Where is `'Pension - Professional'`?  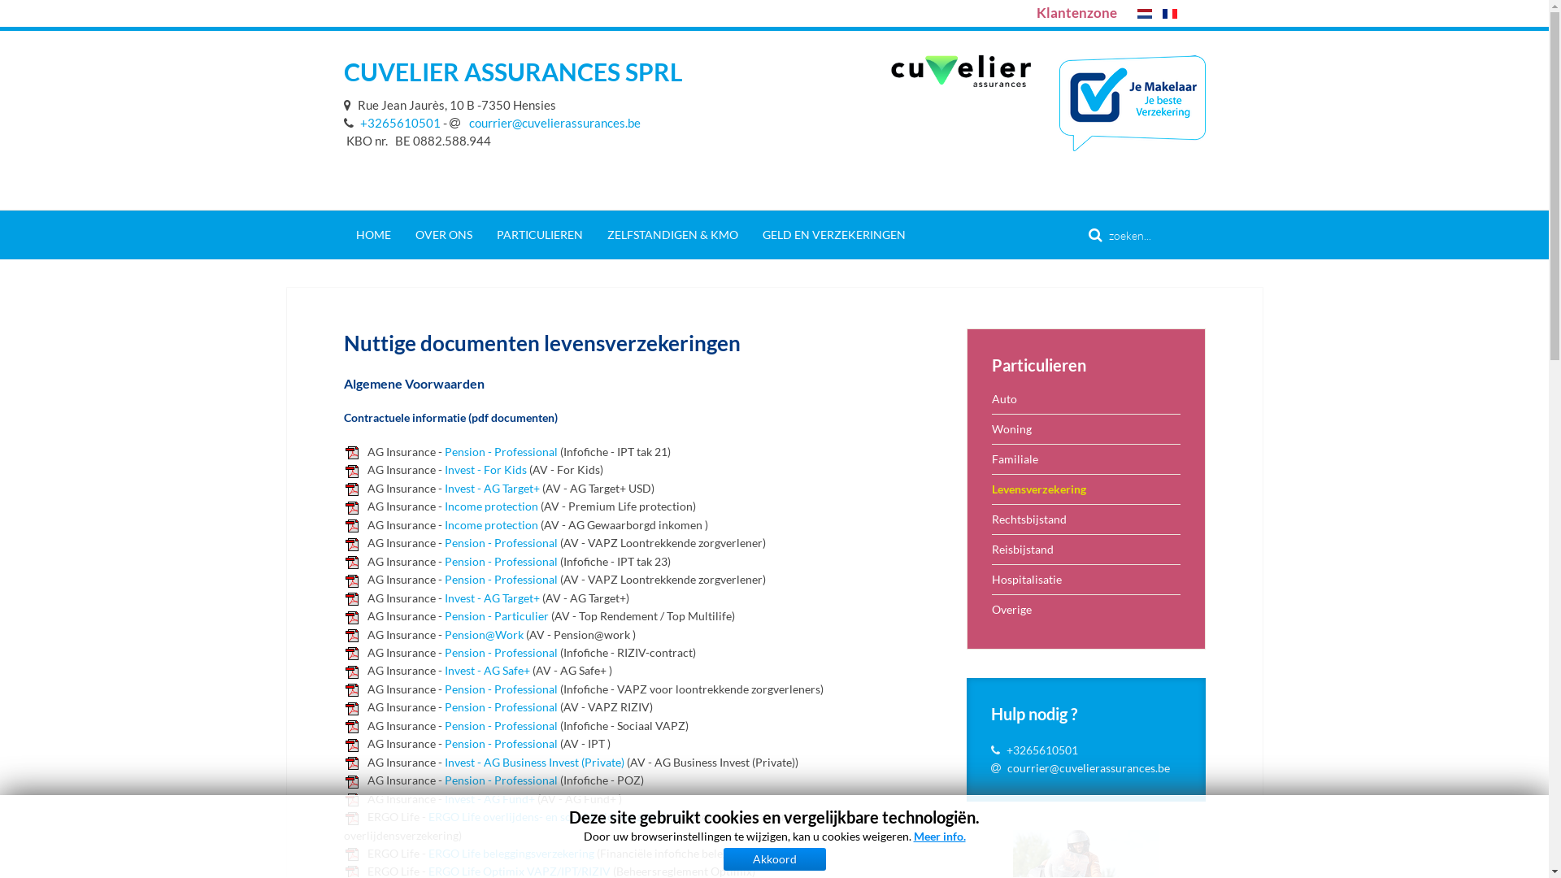 'Pension - Professional' is located at coordinates (499, 578).